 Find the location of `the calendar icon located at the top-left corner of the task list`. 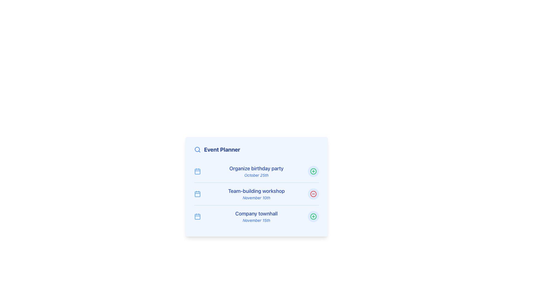

the calendar icon located at the top-left corner of the task list is located at coordinates (197, 171).